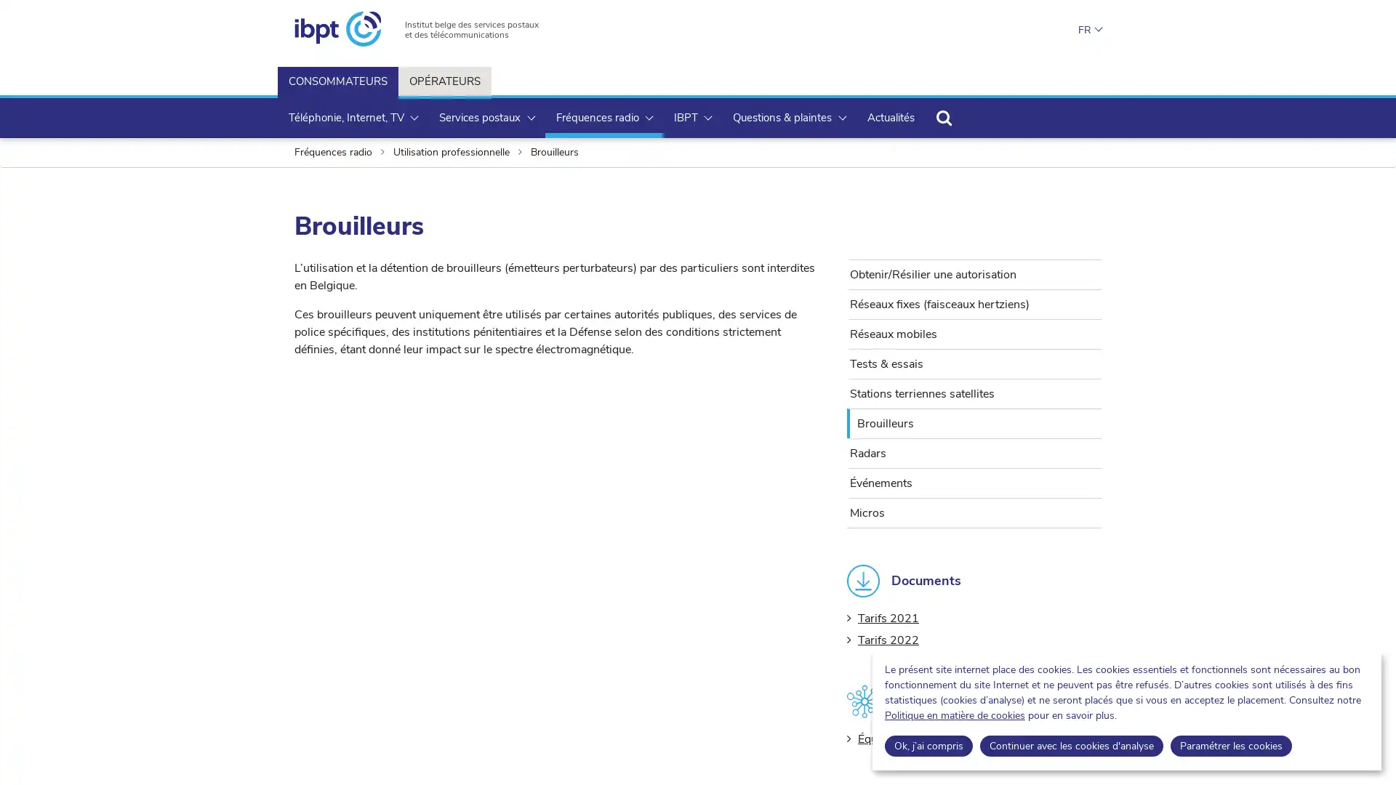  I want to click on IBPT, so click(691, 117).